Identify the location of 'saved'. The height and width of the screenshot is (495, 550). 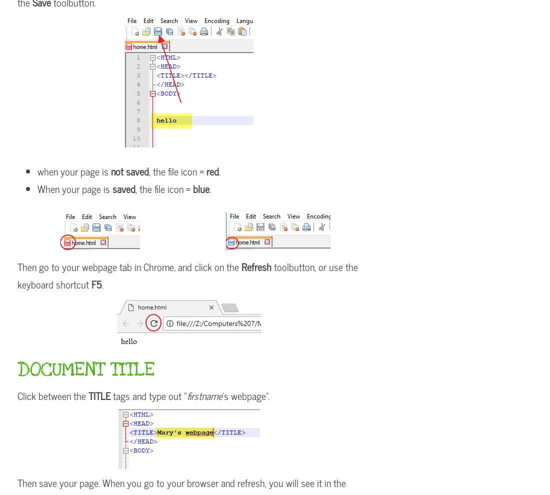
(124, 188).